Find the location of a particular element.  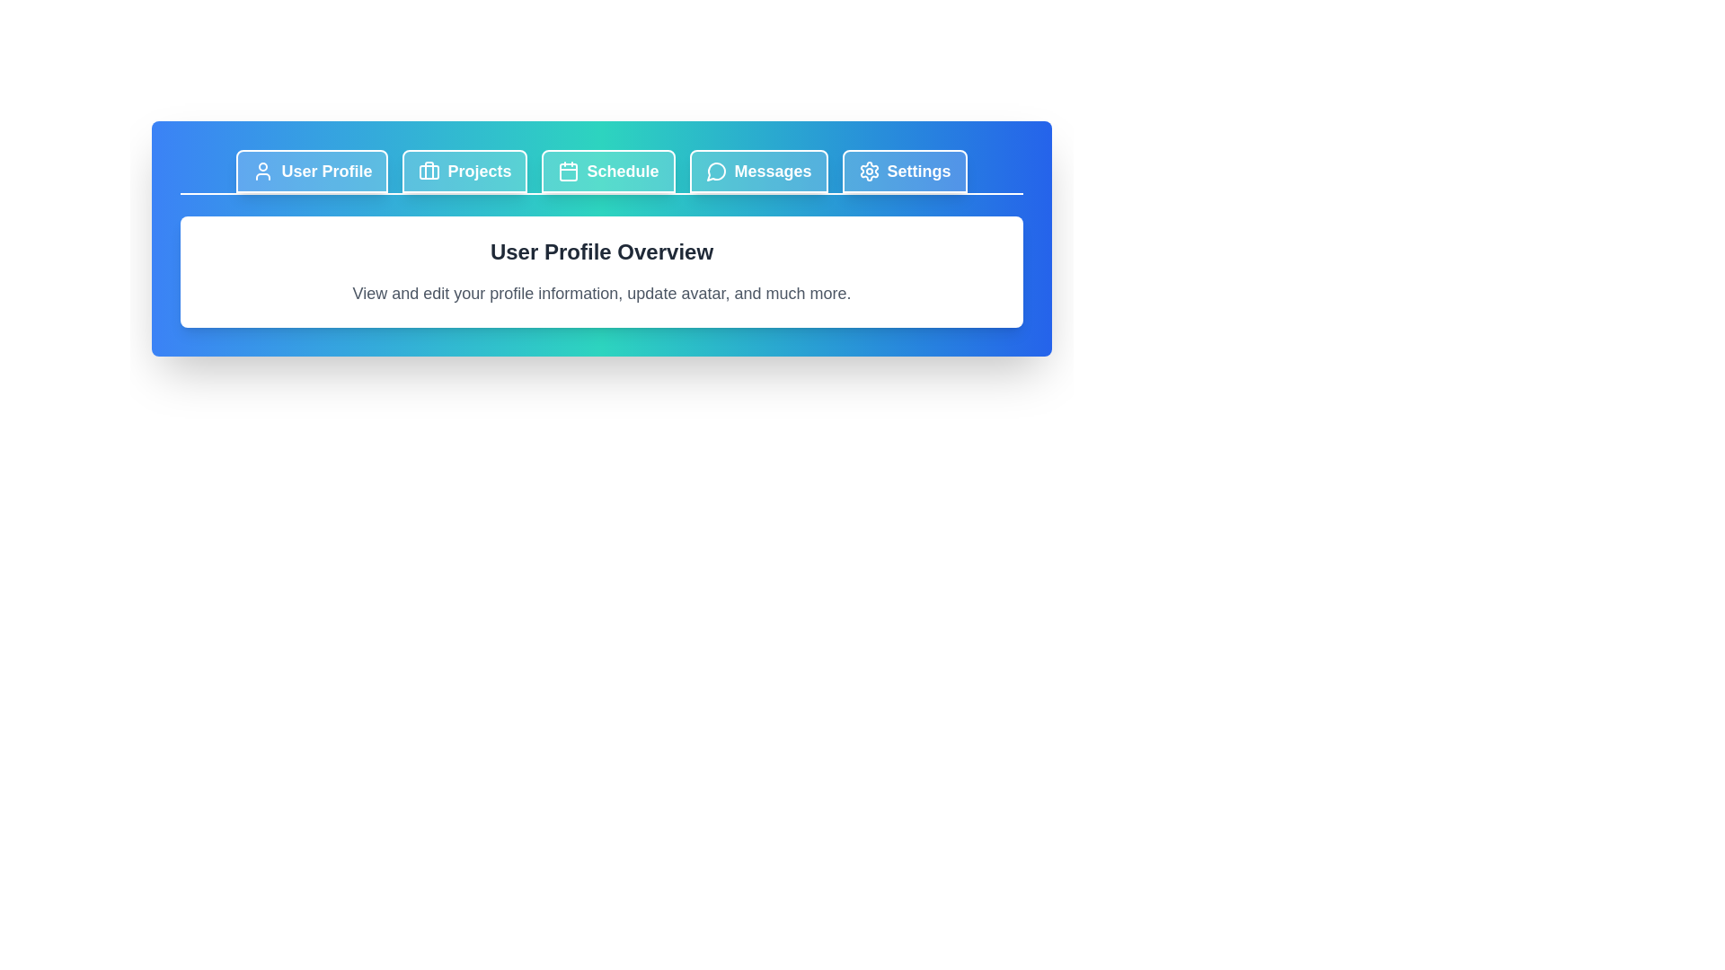

the 'Projects' icon in the navigation bar, which serves as a quick visual indicator for navigation is located at coordinates (429, 172).